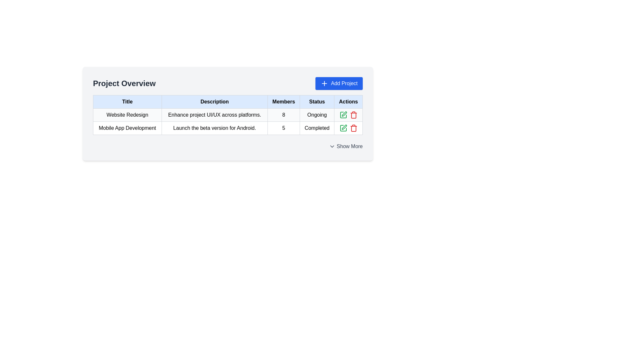  What do you see at coordinates (343, 128) in the screenshot?
I see `the edit icon in the first row of the 'Actions' column to initiate the edit action` at bounding box center [343, 128].